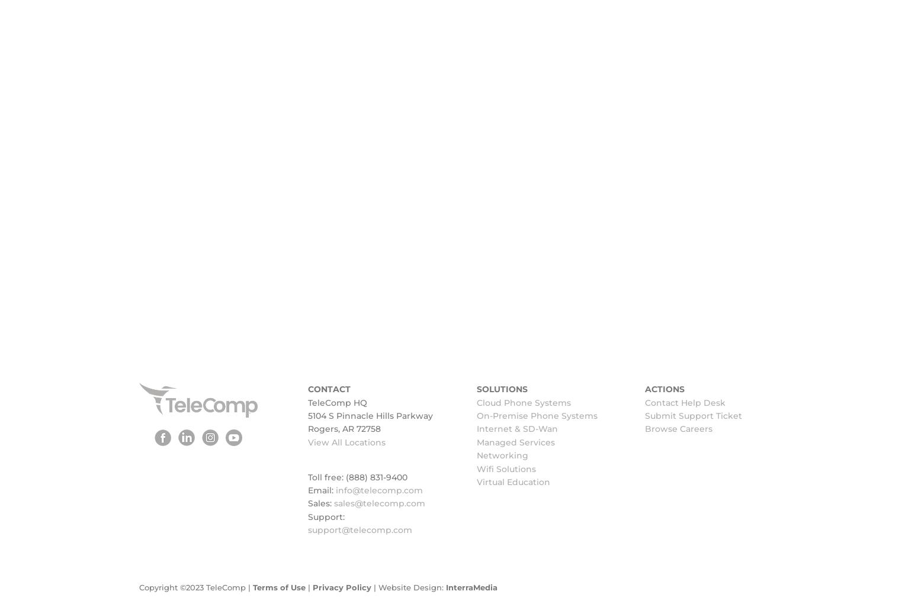 Image resolution: width=918 pixels, height=601 pixels. I want to click on 'Internet & SD-Wan', so click(475, 429).